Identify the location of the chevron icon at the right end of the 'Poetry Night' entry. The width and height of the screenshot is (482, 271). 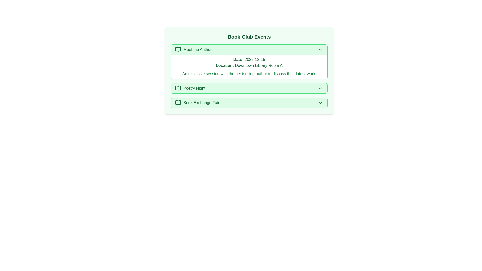
(320, 88).